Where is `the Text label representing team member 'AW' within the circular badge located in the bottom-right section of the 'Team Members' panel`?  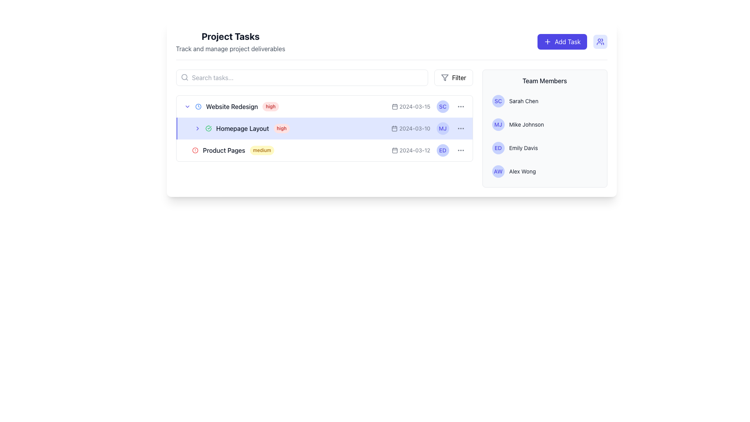 the Text label representing team member 'AW' within the circular badge located in the bottom-right section of the 'Team Members' panel is located at coordinates (498, 171).